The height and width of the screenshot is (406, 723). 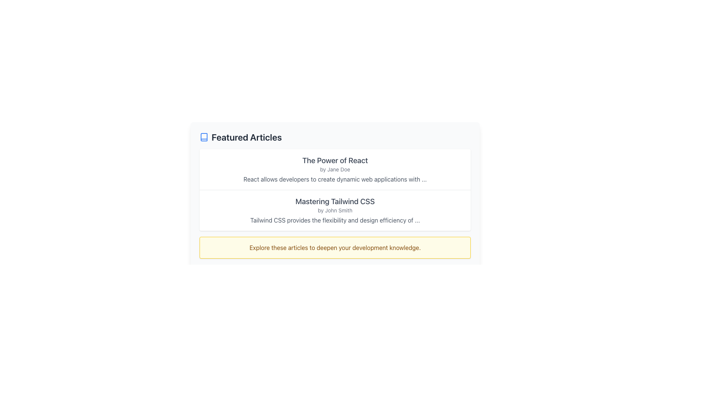 I want to click on the static text label containing 'by John Smith', which is located directly below the title 'Mastering Tailwind CSS' and styled in a lighter gray color, so click(x=334, y=210).